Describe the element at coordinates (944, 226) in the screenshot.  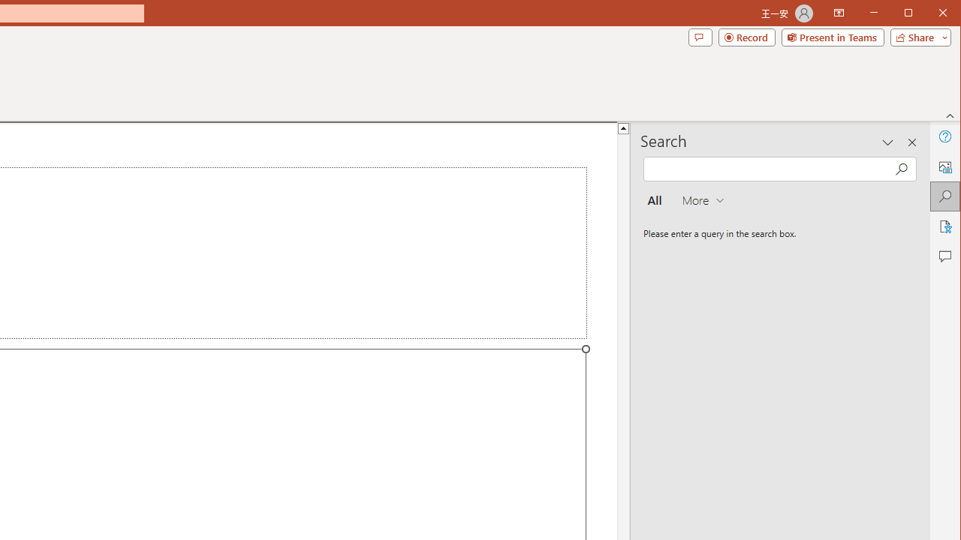
I see `'Accessibility'` at that location.